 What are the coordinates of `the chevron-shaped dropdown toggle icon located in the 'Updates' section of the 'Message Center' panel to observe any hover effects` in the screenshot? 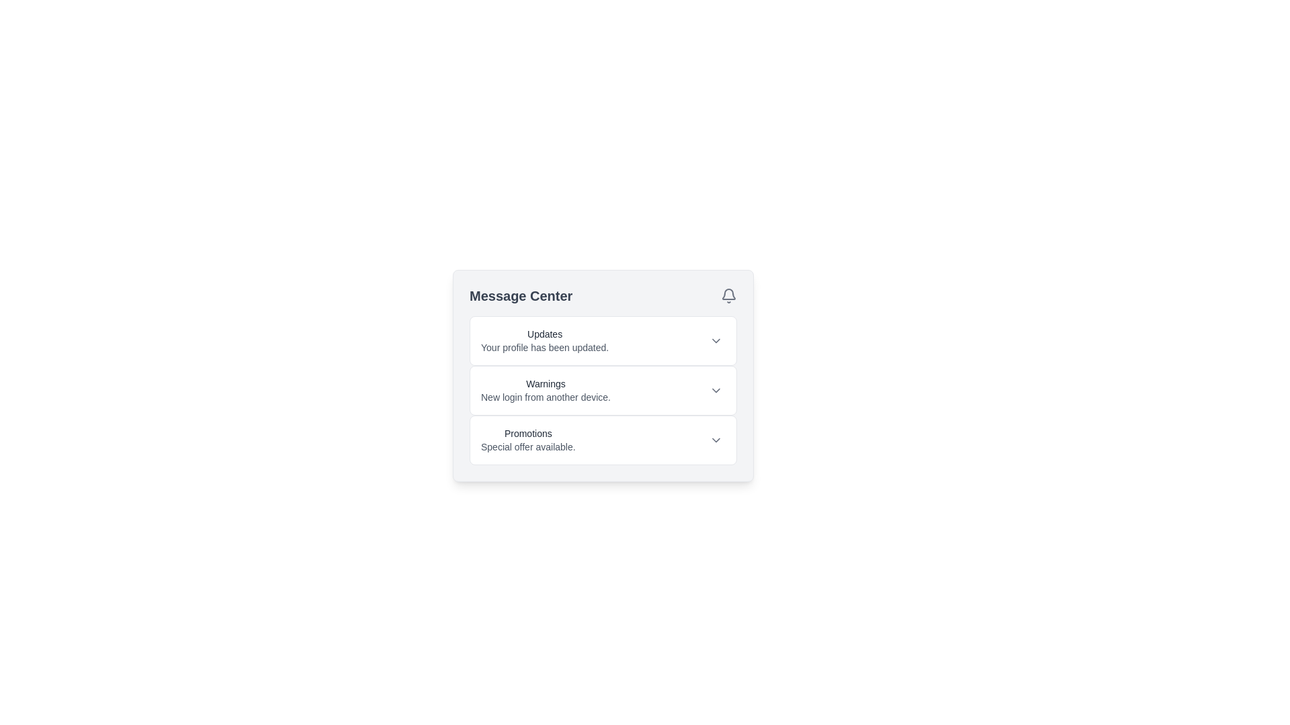 It's located at (715, 340).